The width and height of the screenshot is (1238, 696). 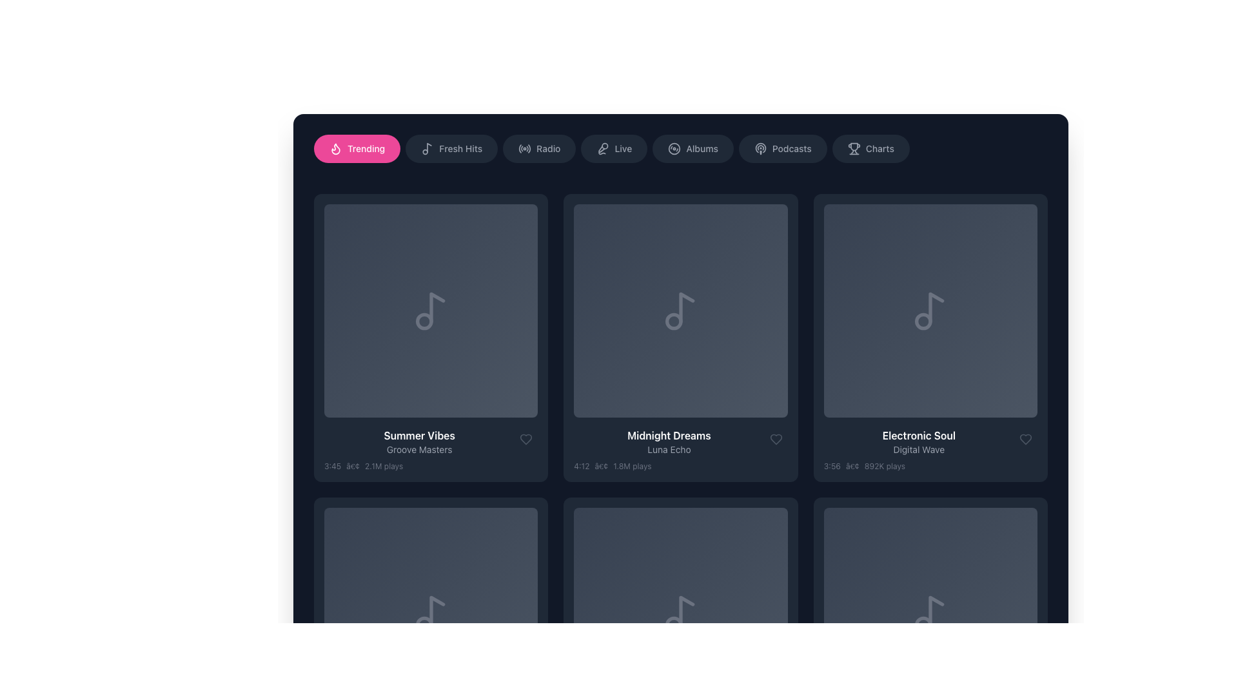 I want to click on the SVG circle component used as a decorative element of the 'Albums' navigation button located in the top navigation bar, so click(x=674, y=148).